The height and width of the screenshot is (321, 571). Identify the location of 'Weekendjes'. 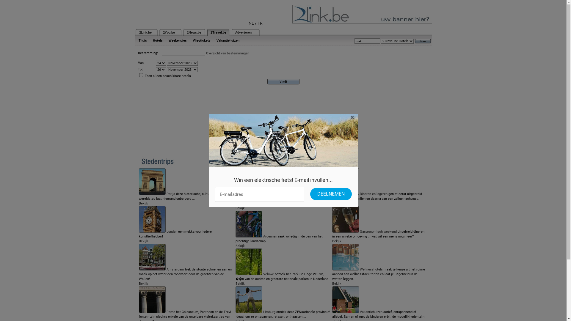
(177, 40).